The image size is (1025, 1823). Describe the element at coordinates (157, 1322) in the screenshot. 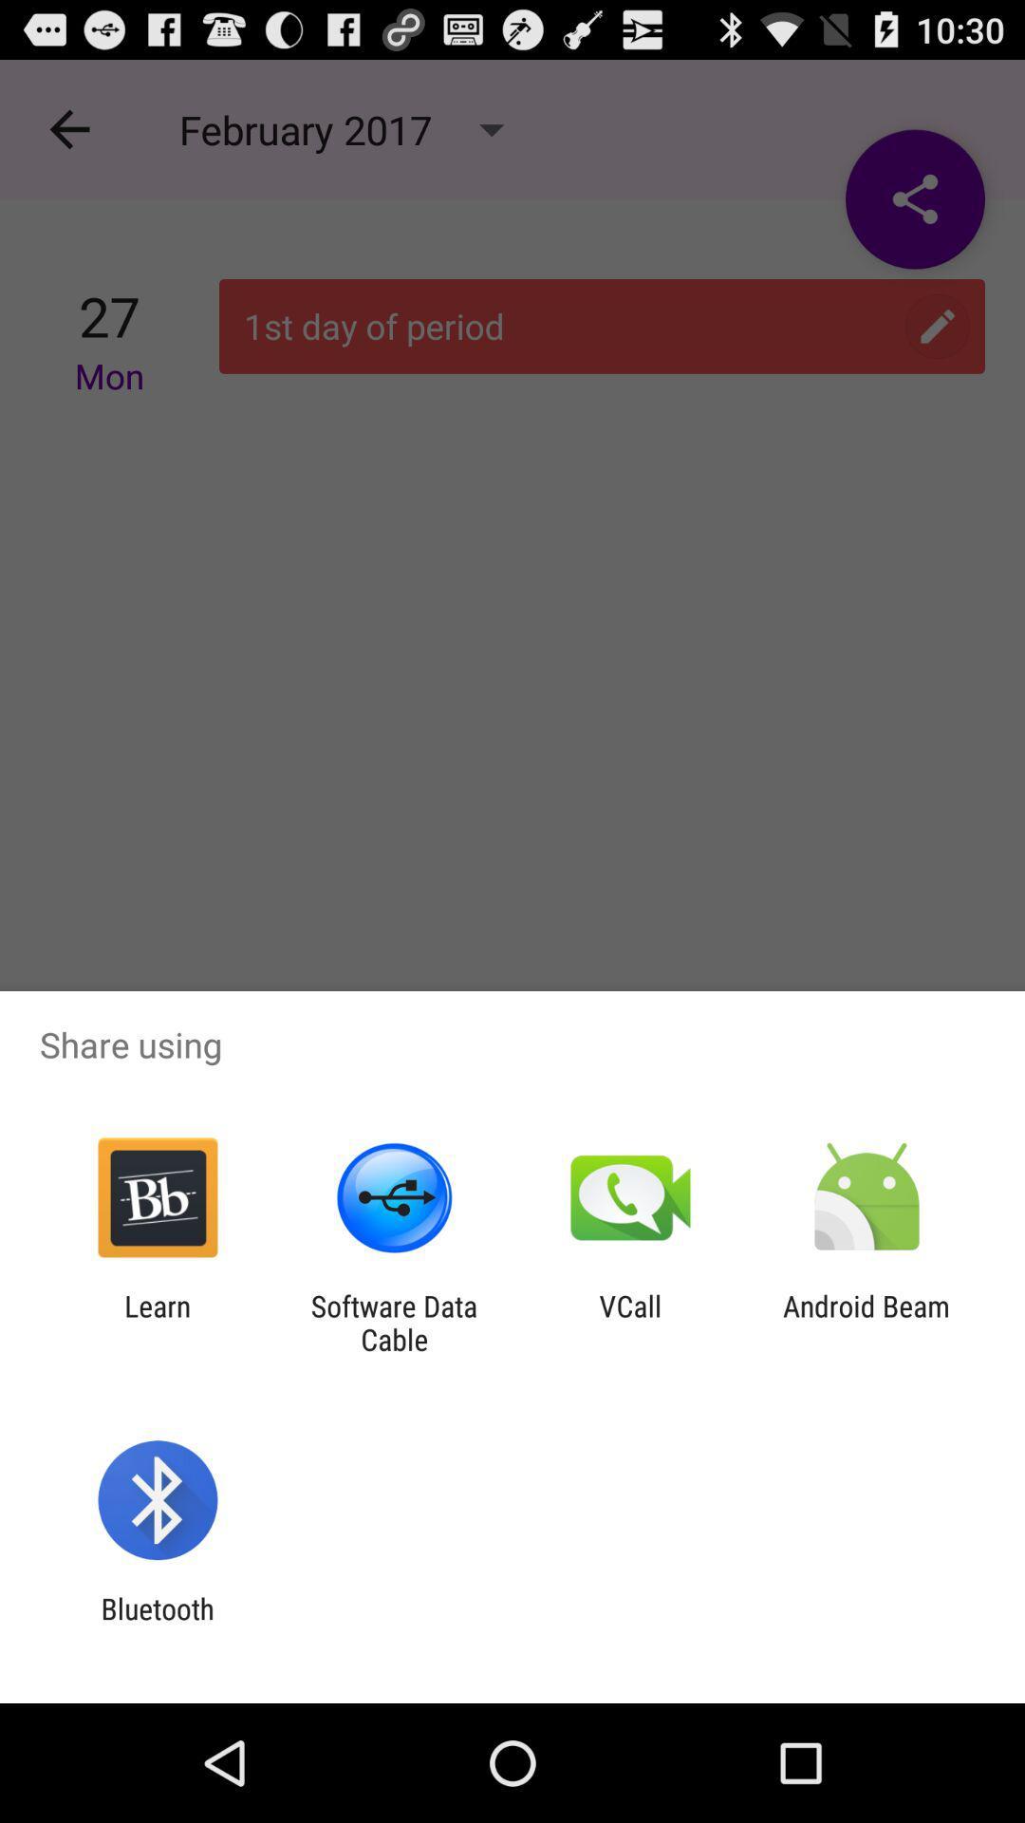

I see `the learn app` at that location.